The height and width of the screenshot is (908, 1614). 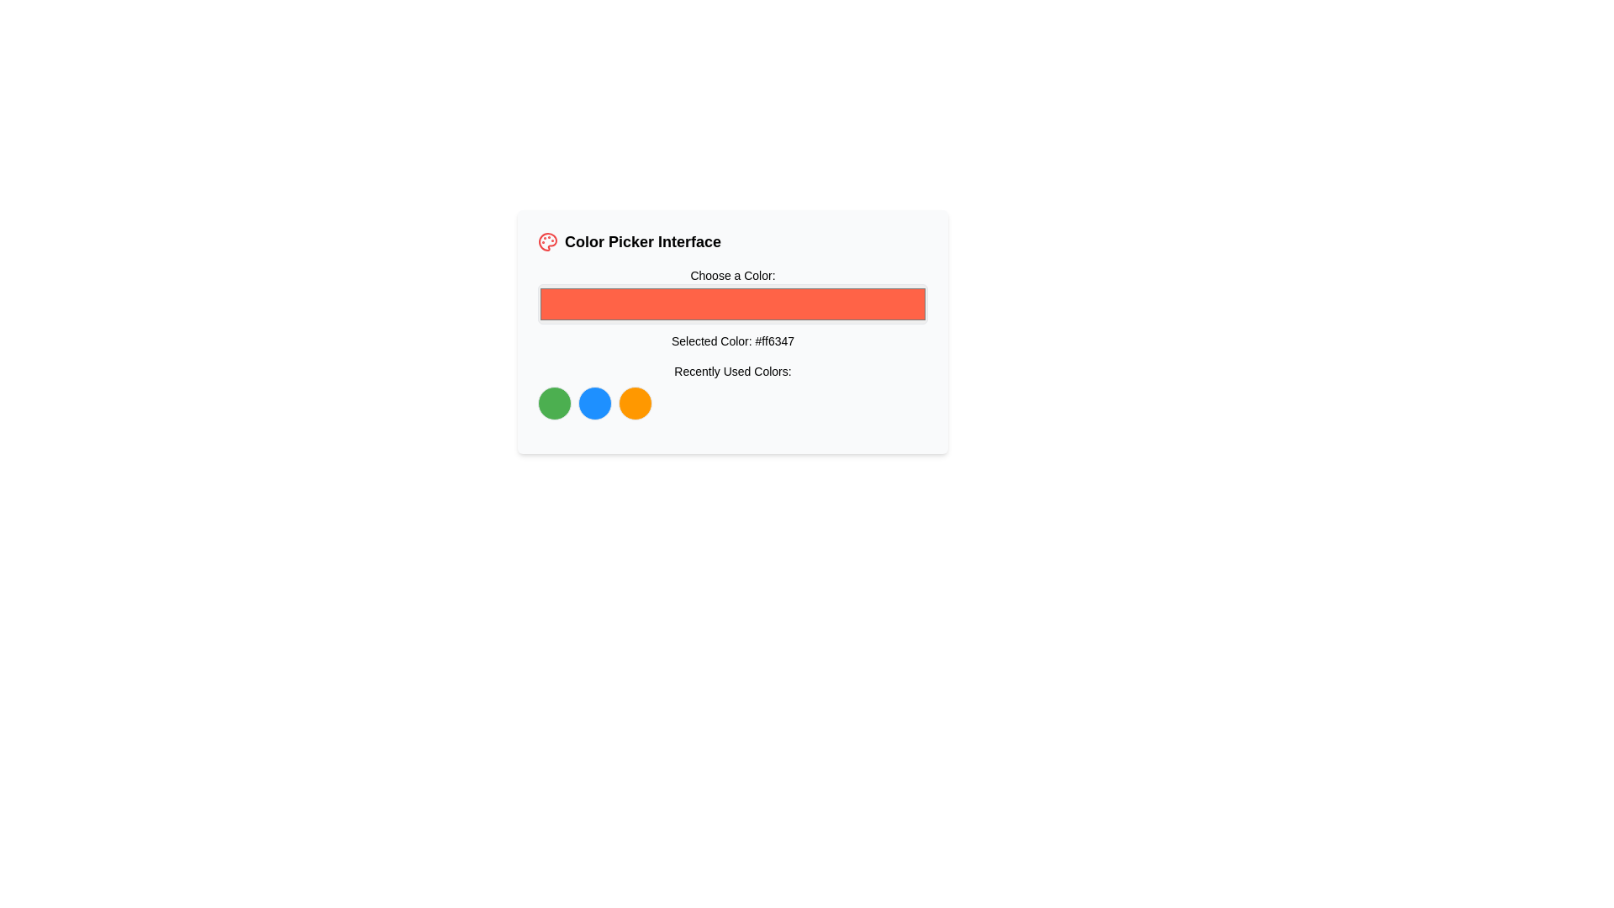 What do you see at coordinates (595, 403) in the screenshot?
I see `the blue color selection button located in the middle of a row of three circular elements in the 'Recently Used Colors' panel` at bounding box center [595, 403].